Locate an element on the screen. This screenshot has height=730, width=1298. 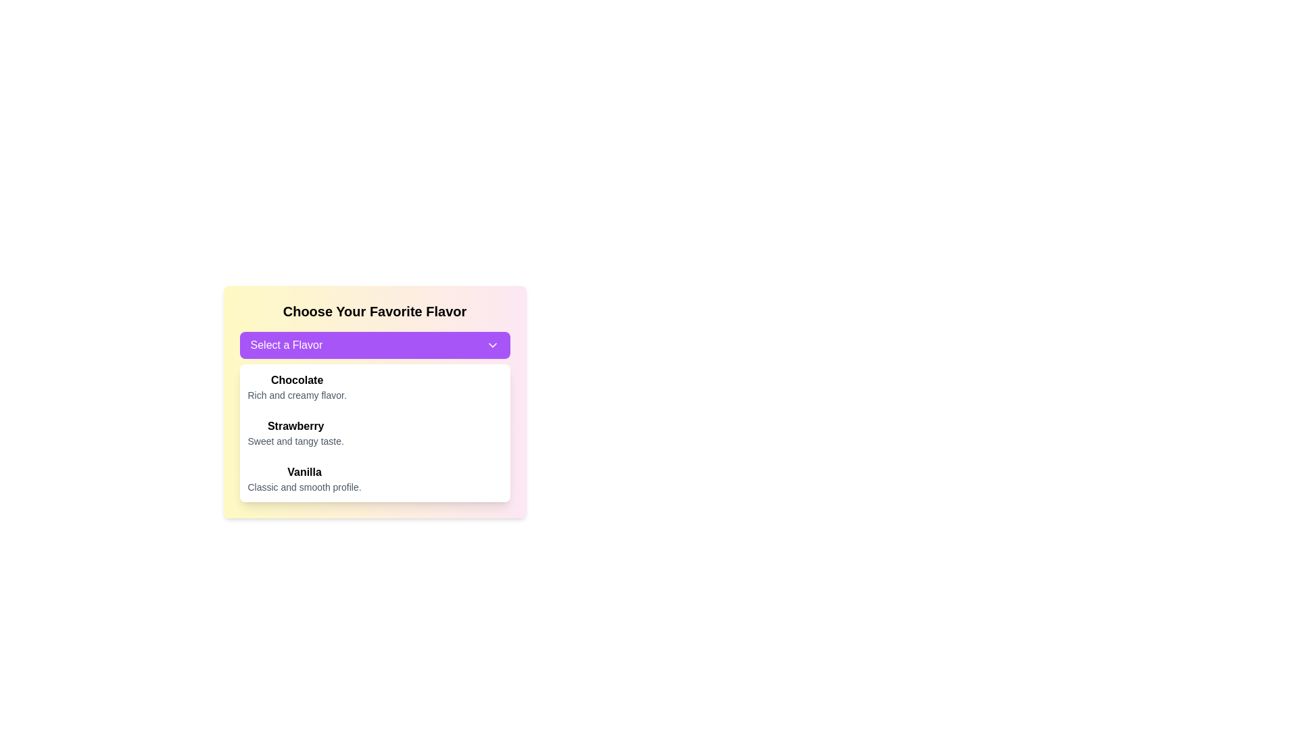
the static text providing additional descriptive information for the 'Strawberry' flavor option, which is positioned below the 'Strawberry' text in the flavor selection list is located at coordinates (295, 441).